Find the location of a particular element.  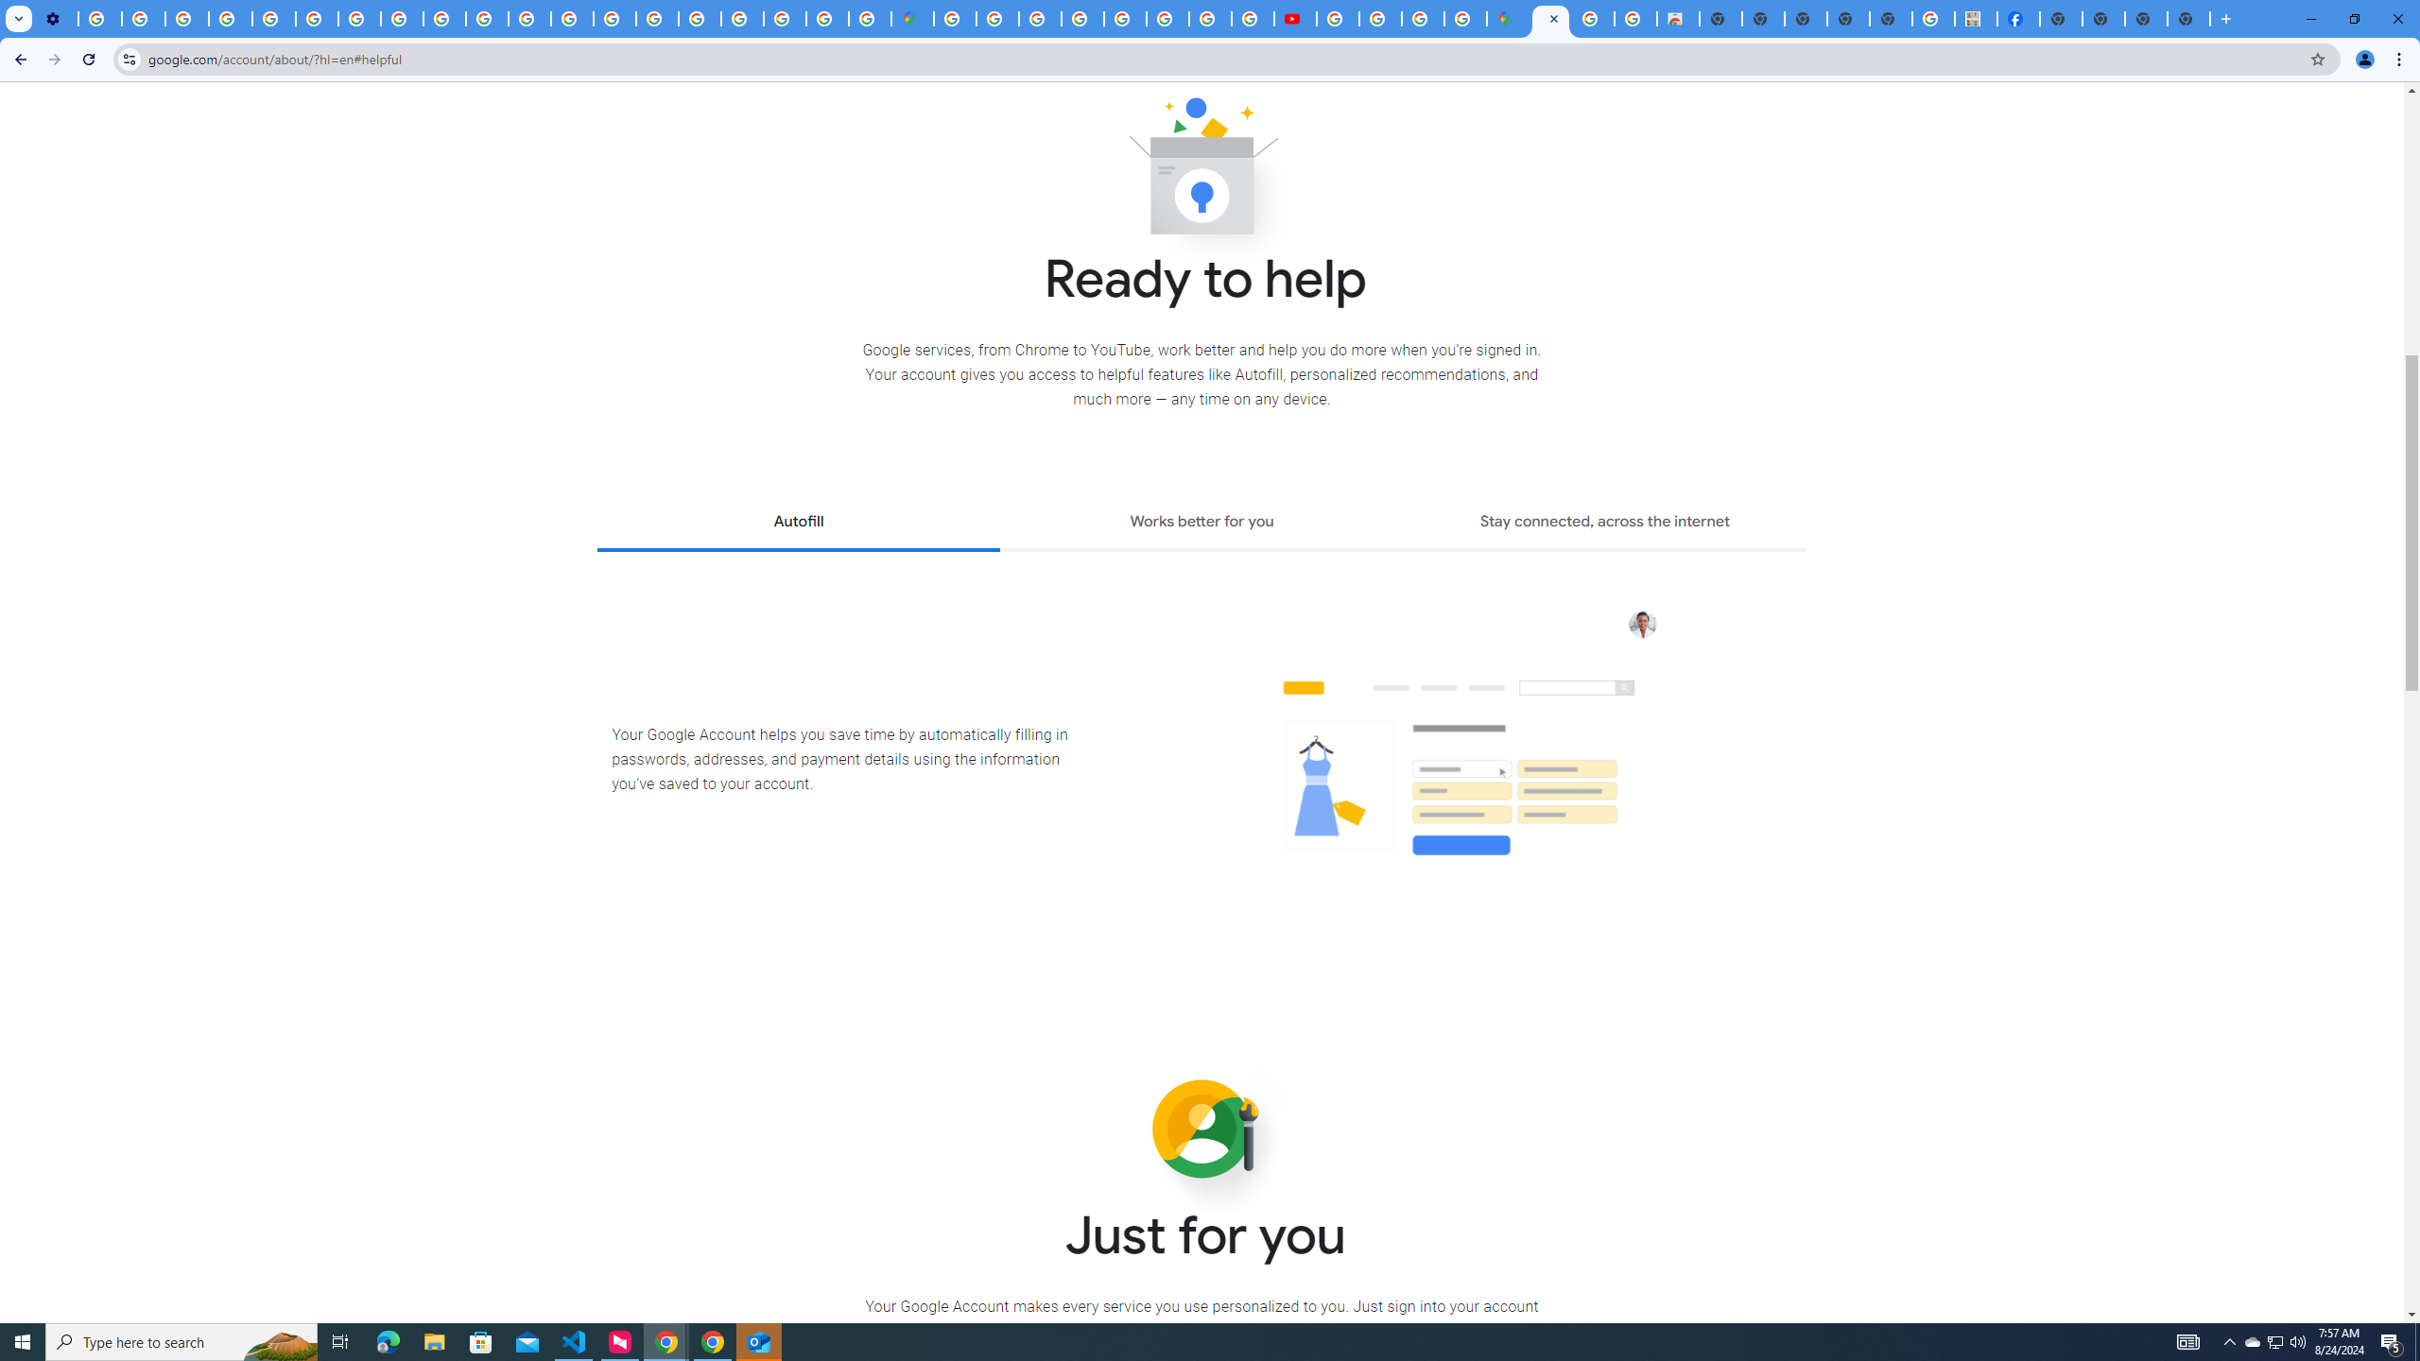

'Works better for you' is located at coordinates (1201, 524).